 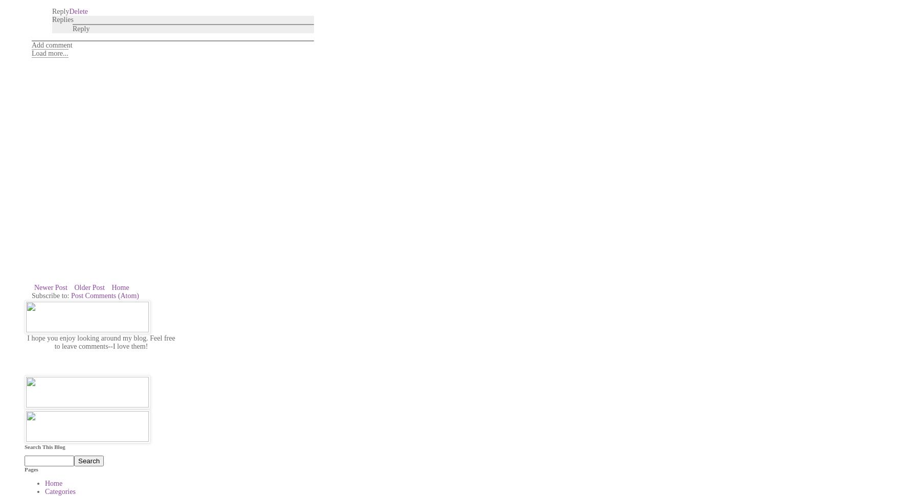 I want to click on 'Newer Post', so click(x=50, y=286).